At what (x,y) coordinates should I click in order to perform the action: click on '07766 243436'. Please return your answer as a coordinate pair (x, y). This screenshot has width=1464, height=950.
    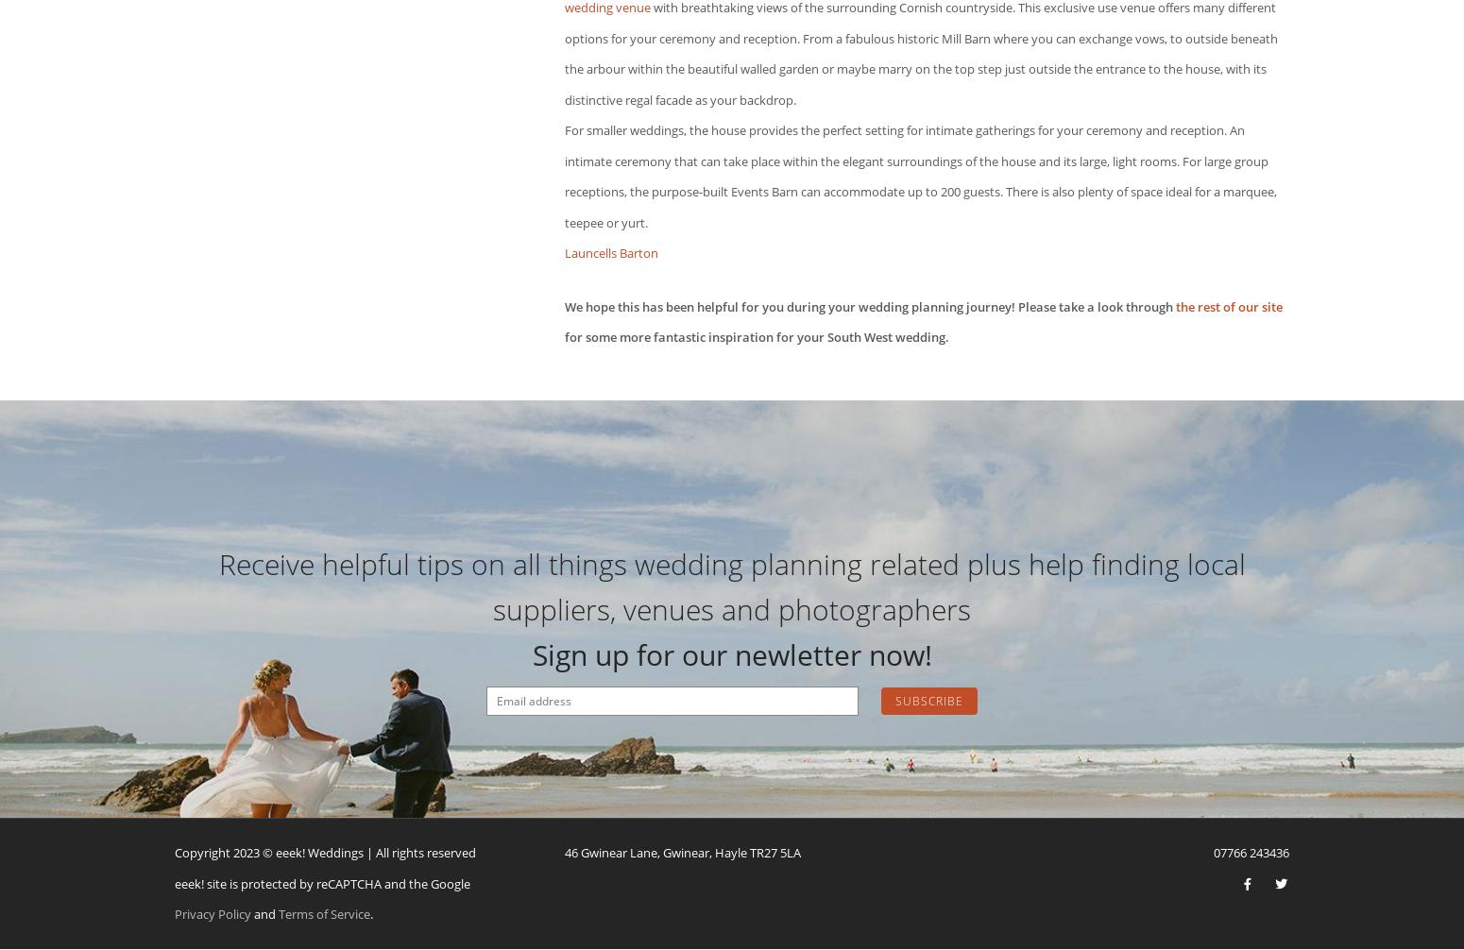
    Looking at the image, I should click on (1212, 851).